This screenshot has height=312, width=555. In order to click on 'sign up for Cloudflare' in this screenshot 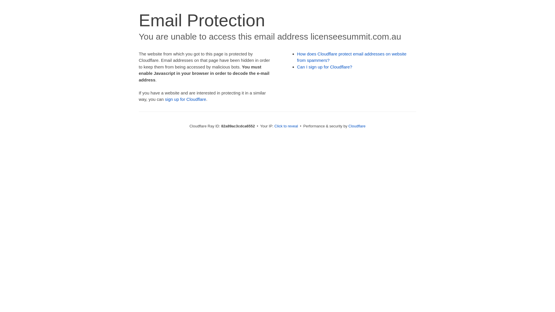, I will do `click(186, 99)`.